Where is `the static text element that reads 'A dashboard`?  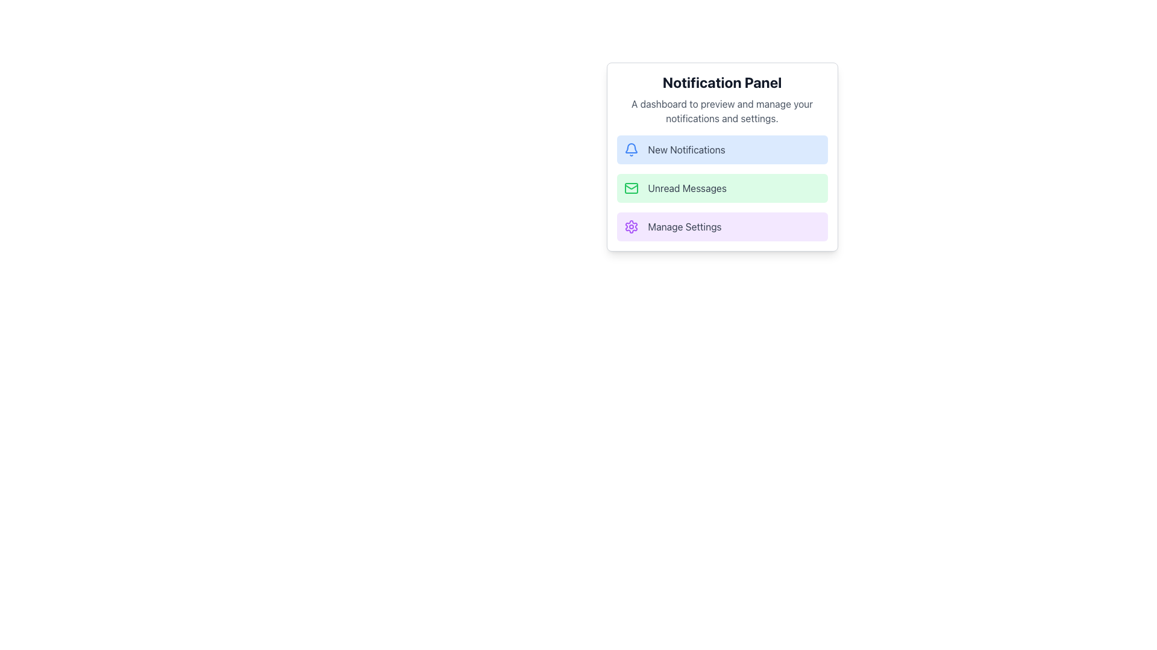
the static text element that reads 'A dashboard is located at coordinates (722, 111).